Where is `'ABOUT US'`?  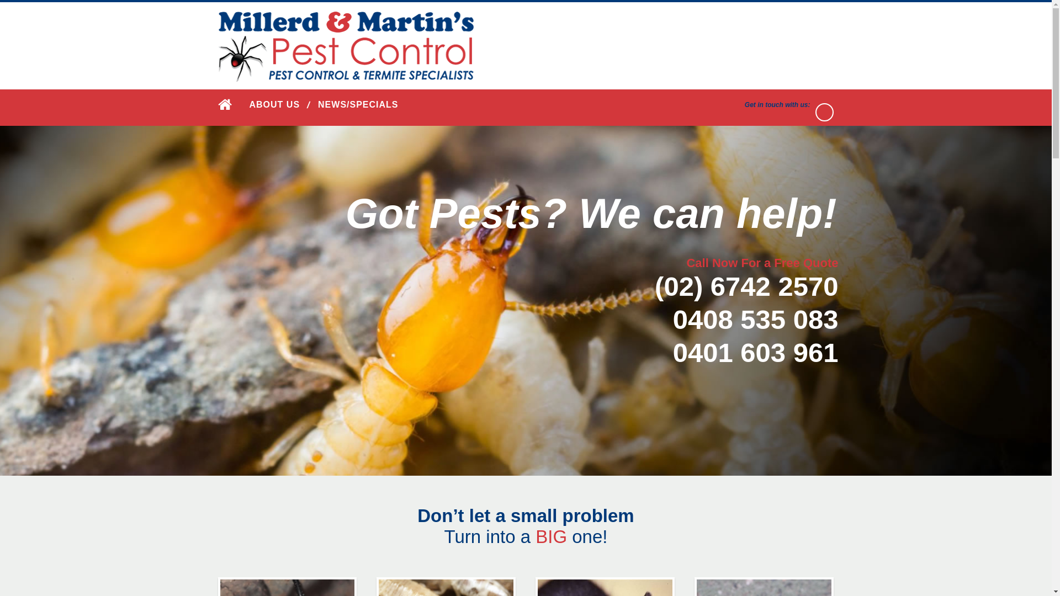
'ABOUT US' is located at coordinates (275, 104).